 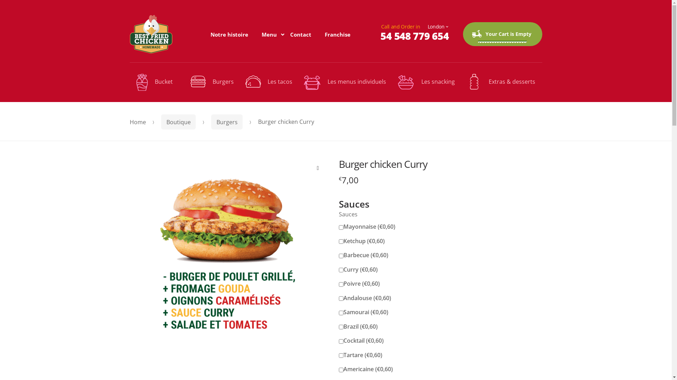 I want to click on 'Menu', so click(x=269, y=34).